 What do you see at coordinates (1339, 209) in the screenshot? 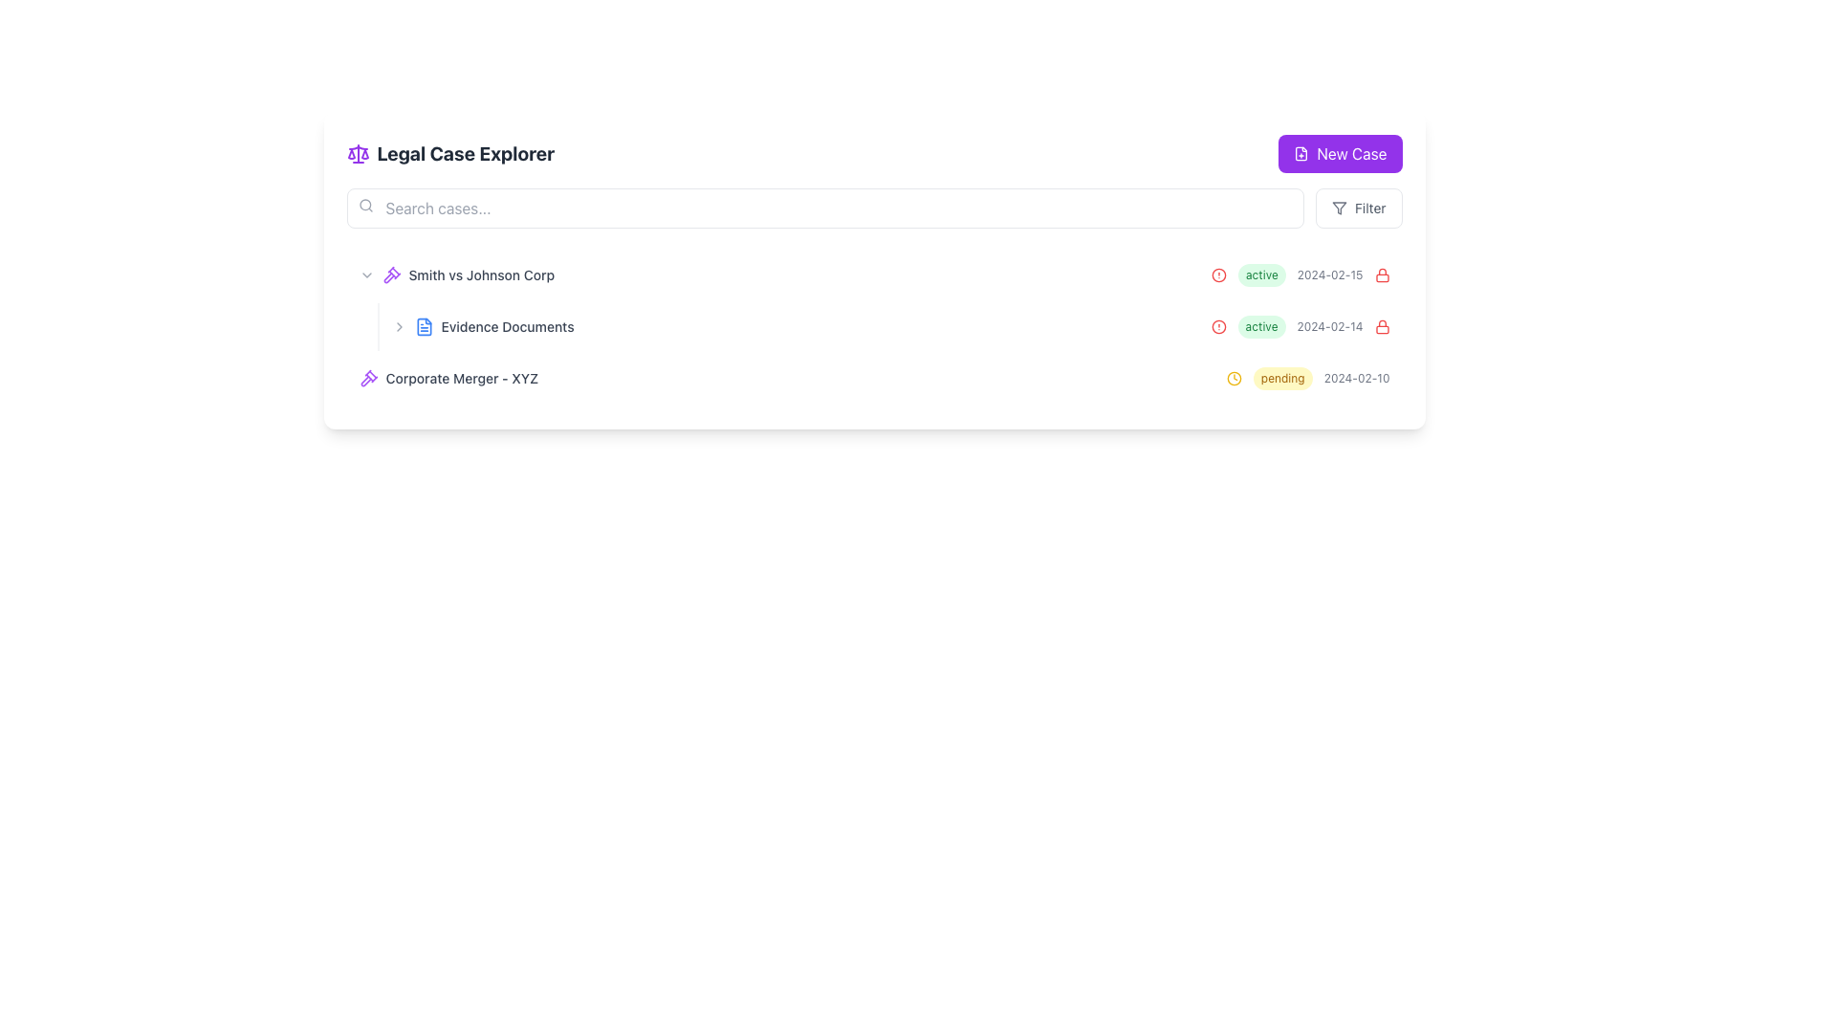
I see `the silver-gray funnel icon within the 'Filter' button` at bounding box center [1339, 209].